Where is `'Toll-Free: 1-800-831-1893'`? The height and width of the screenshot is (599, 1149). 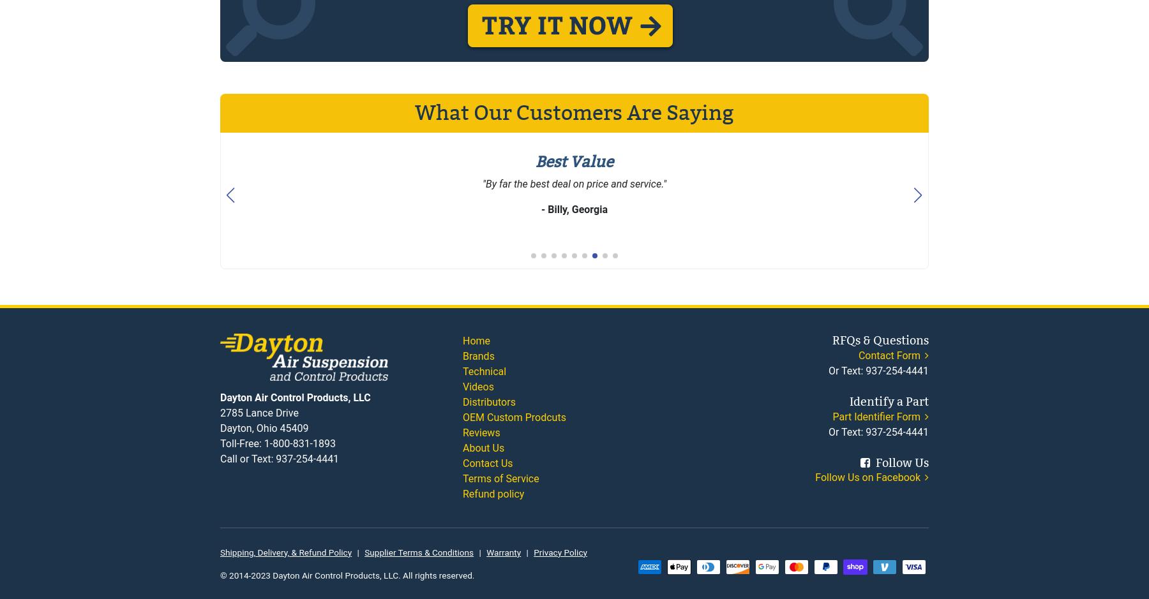 'Toll-Free: 1-800-831-1893' is located at coordinates (278, 443).